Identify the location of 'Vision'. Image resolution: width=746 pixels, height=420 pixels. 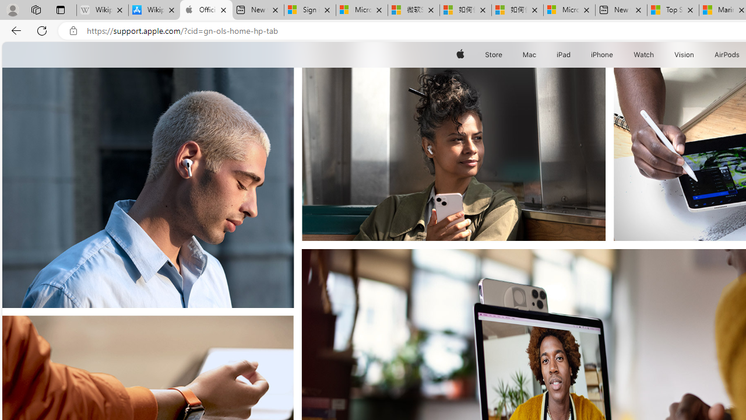
(685, 54).